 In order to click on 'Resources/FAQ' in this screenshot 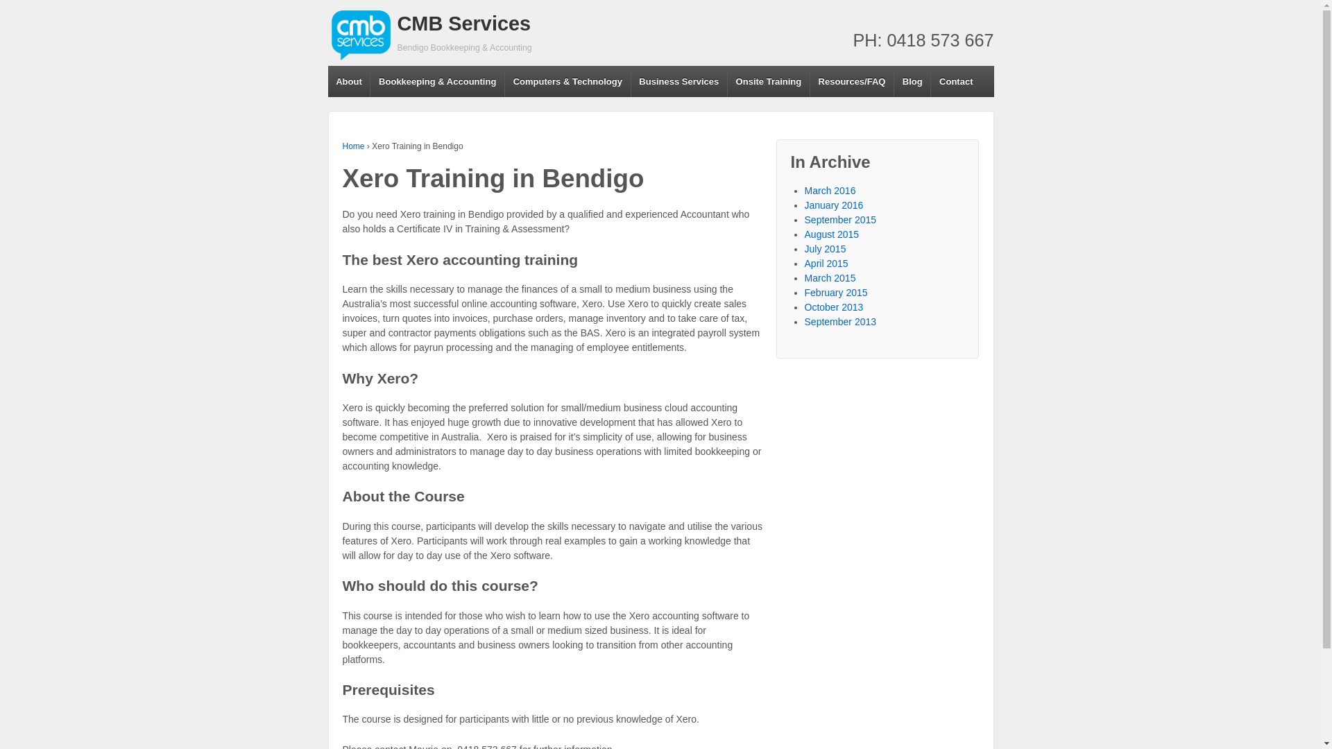, I will do `click(851, 81)`.